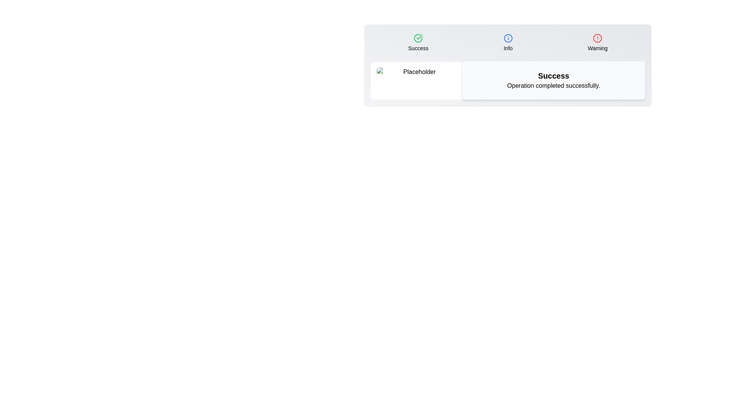 The width and height of the screenshot is (736, 414). Describe the element at coordinates (418, 43) in the screenshot. I see `the tab labeled Success` at that location.